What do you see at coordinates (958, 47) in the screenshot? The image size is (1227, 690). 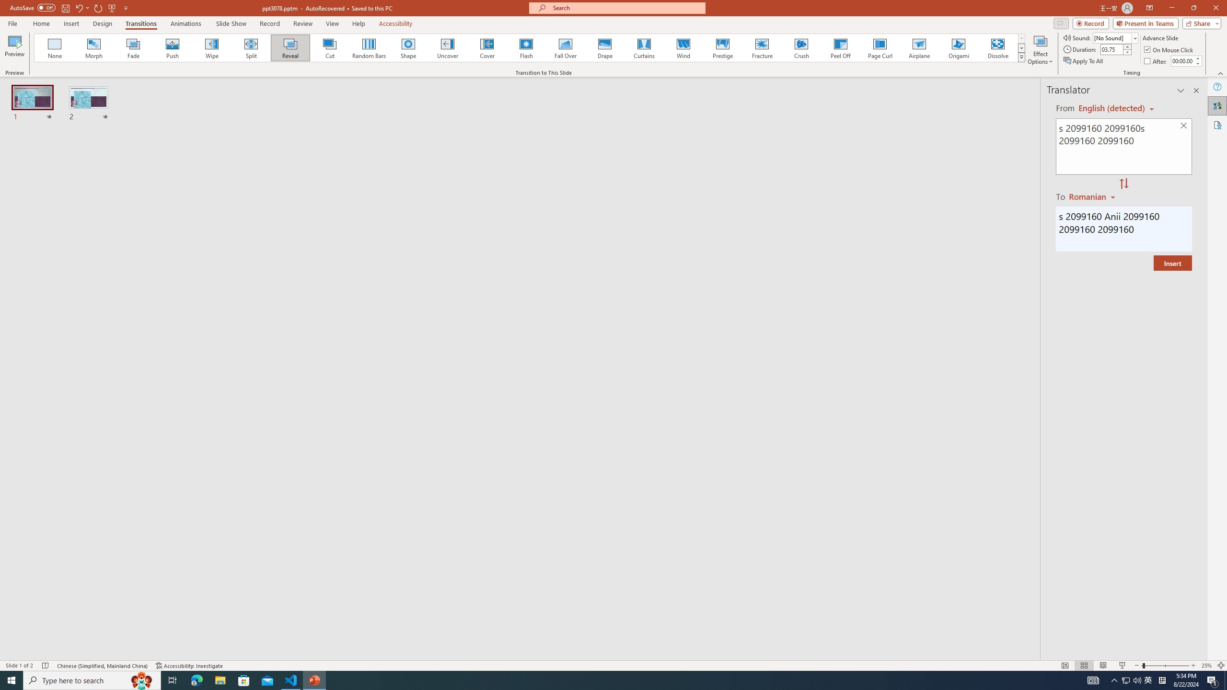 I see `'Origami'` at bounding box center [958, 47].